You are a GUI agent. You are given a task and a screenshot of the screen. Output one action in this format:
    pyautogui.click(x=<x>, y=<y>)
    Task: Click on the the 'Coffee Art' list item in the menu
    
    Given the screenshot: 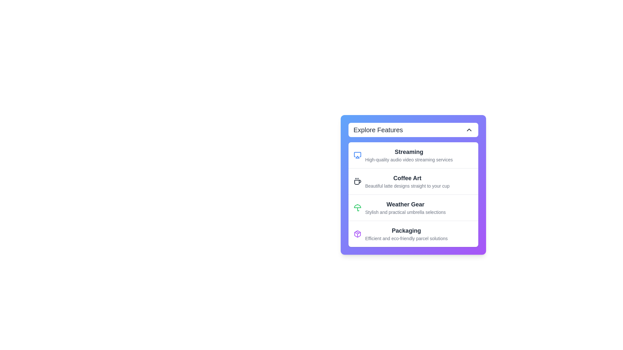 What is the action you would take?
    pyautogui.click(x=413, y=181)
    